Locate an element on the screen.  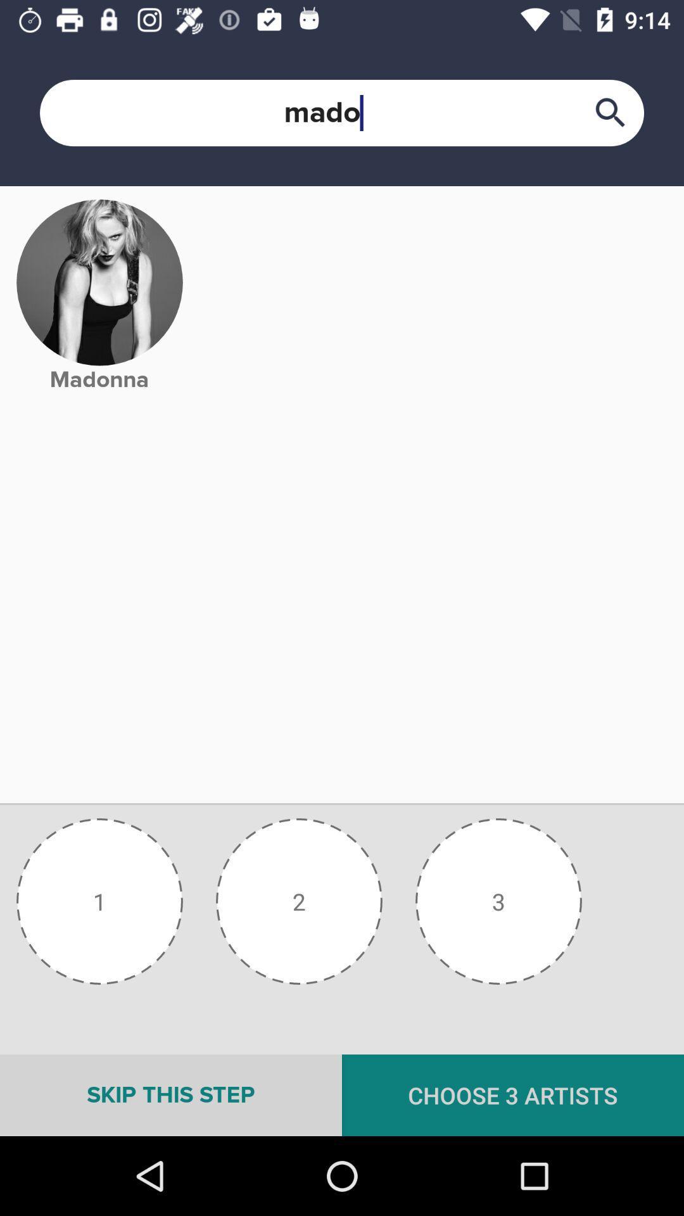
the dotted circle which has 2 on it is located at coordinates (299, 901).